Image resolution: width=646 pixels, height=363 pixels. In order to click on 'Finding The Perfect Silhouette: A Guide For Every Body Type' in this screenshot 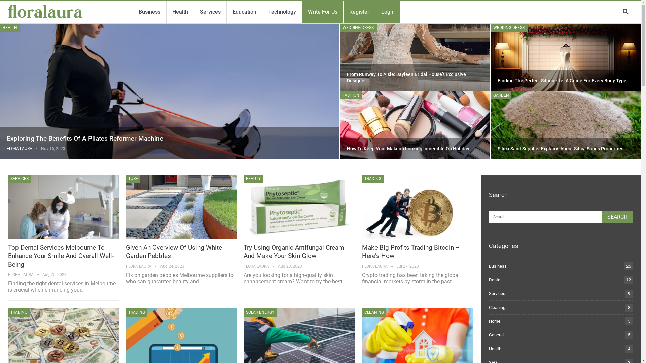, I will do `click(497, 80)`.